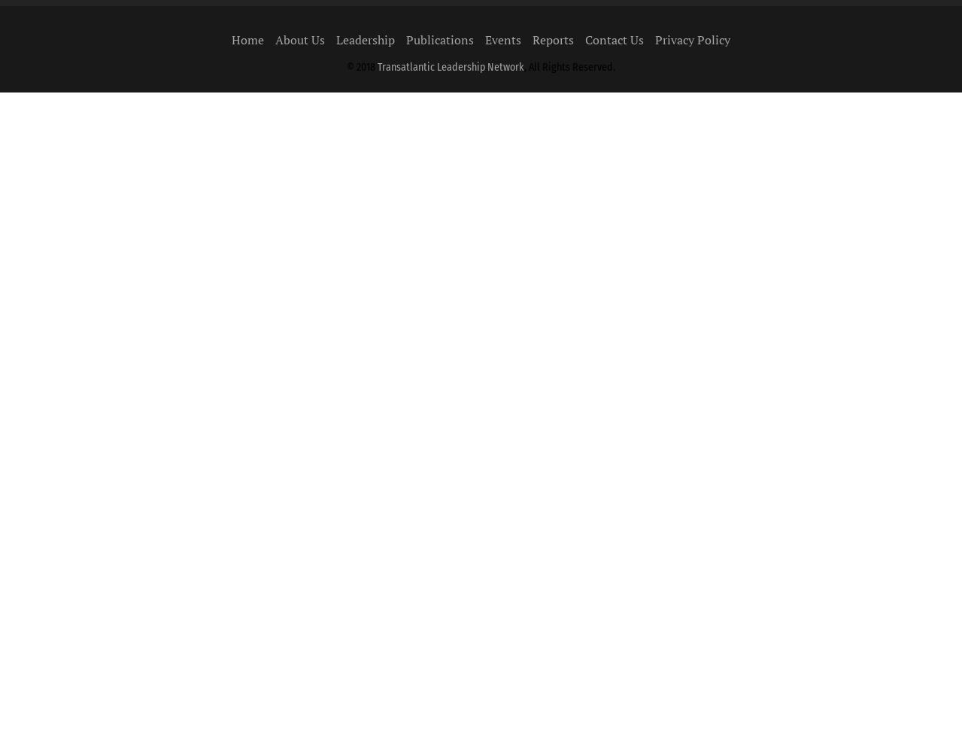 This screenshot has height=752, width=962. I want to click on '© 2018', so click(346, 66).